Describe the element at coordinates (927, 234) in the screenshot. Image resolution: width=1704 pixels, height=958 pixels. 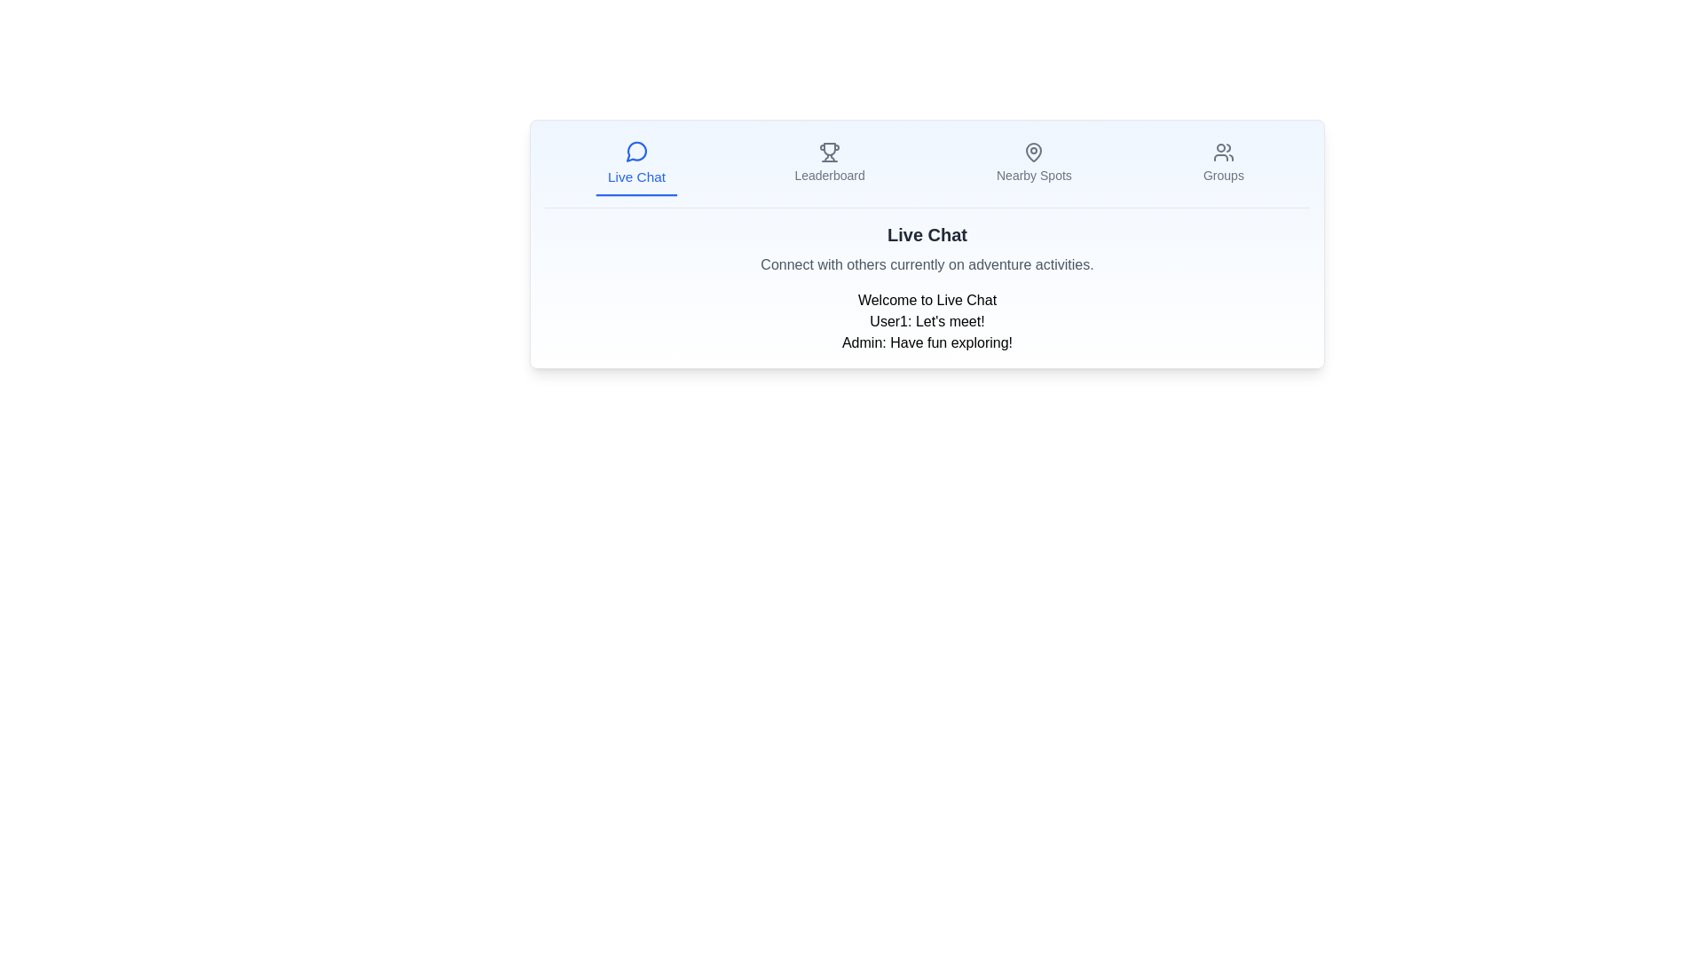
I see `the Header Text that serves as the section title for the live chat interface, which is centrally aligned at the top of the content area below the navigation bar` at that location.